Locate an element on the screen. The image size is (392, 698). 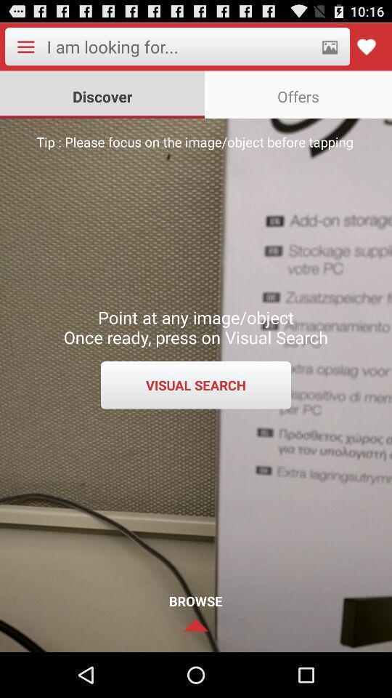
the arrow_upward icon is located at coordinates (195, 669).